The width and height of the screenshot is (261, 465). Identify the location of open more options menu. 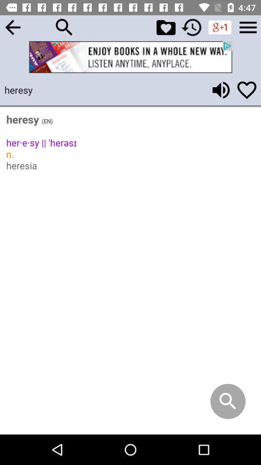
(248, 27).